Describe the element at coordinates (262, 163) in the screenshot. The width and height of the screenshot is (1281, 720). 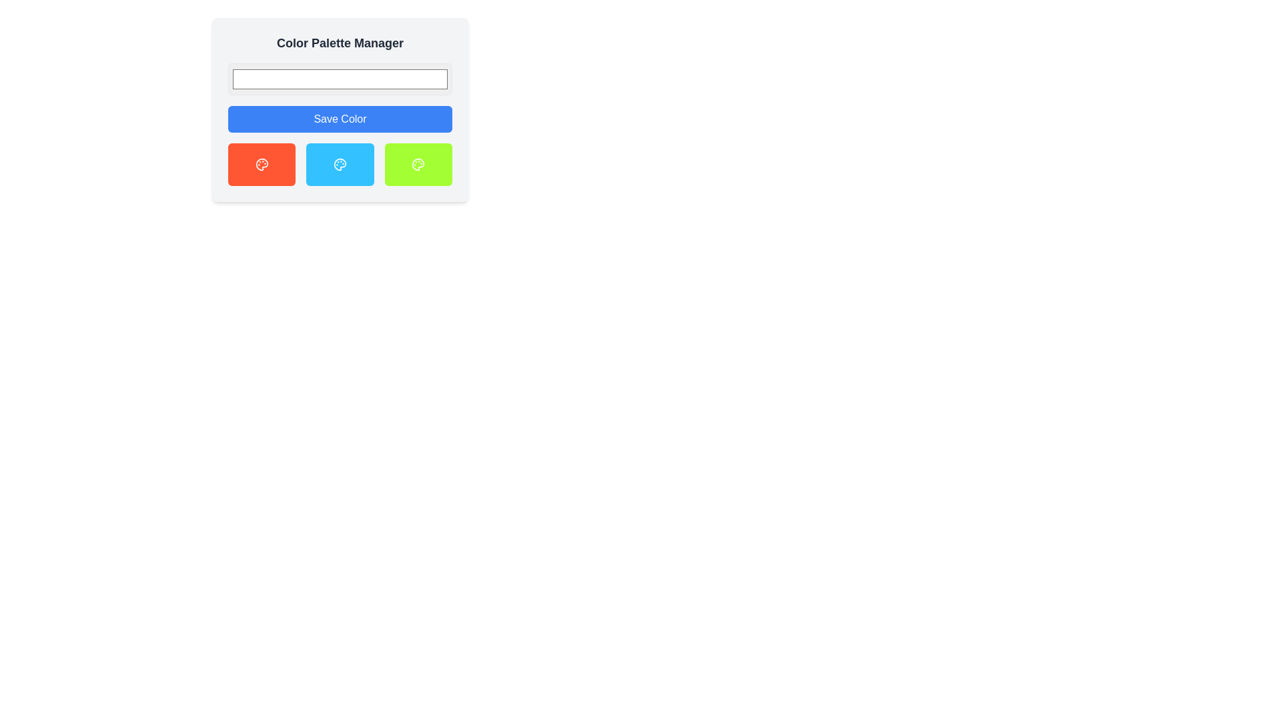
I see `the first button in the row of three buttons at the bottom of the 'Color Palette Manager'` at that location.